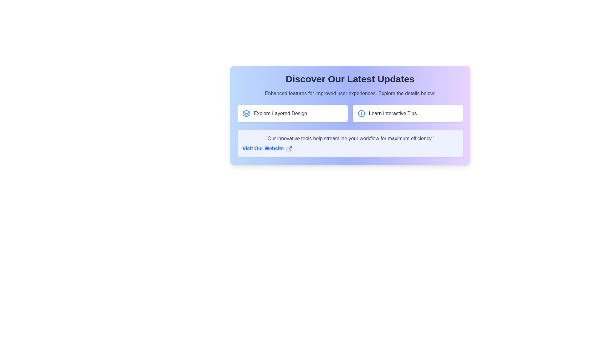 Image resolution: width=601 pixels, height=338 pixels. I want to click on the 'Learn Interactive Tips' button, so click(408, 113).